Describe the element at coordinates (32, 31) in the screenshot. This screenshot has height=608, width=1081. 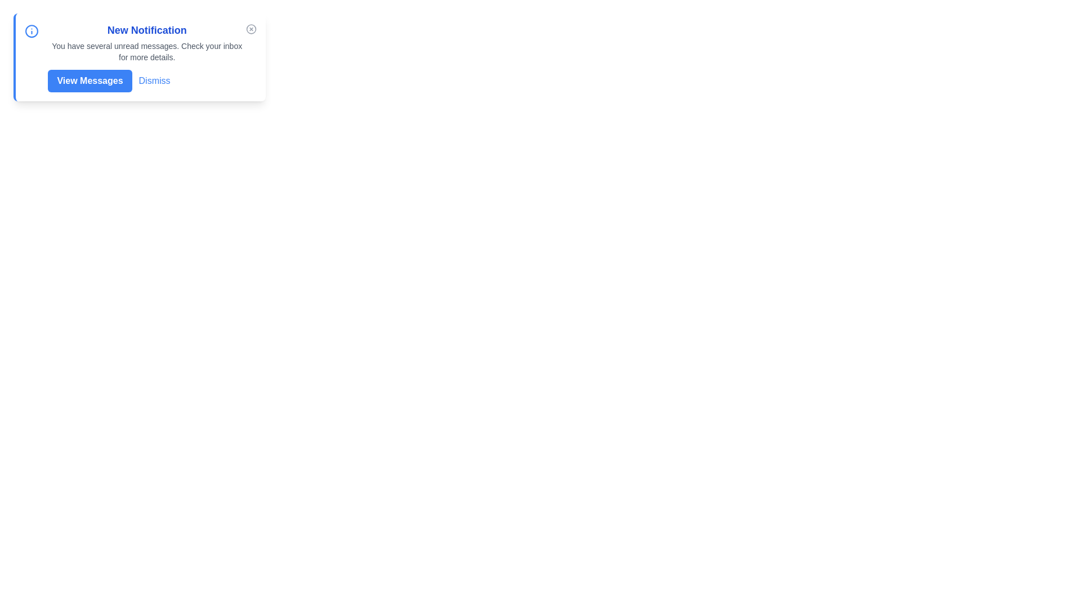
I see `the circular information icon with a blue outline that is located to the left of the 'New Notification' title text in the notification box to read its associated information` at that location.